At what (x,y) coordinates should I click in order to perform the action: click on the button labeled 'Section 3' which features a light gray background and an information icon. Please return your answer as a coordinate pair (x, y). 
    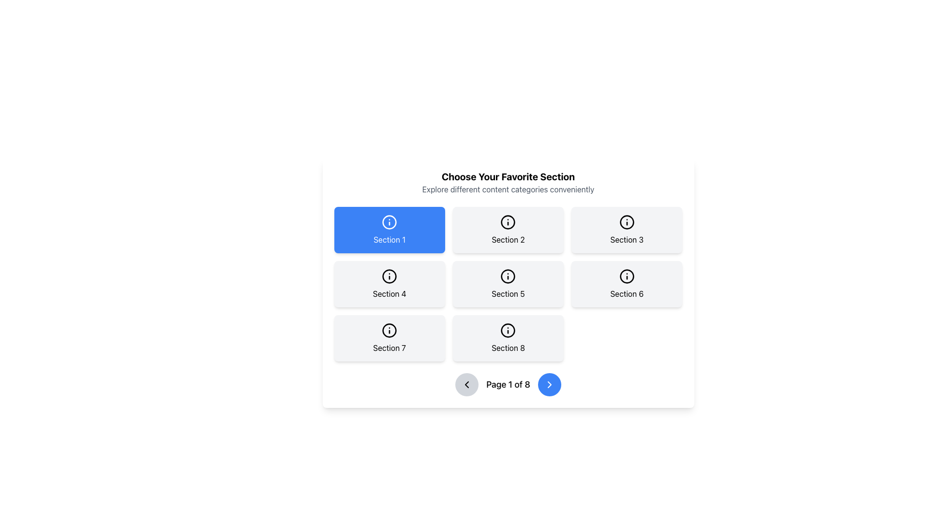
    Looking at the image, I should click on (627, 230).